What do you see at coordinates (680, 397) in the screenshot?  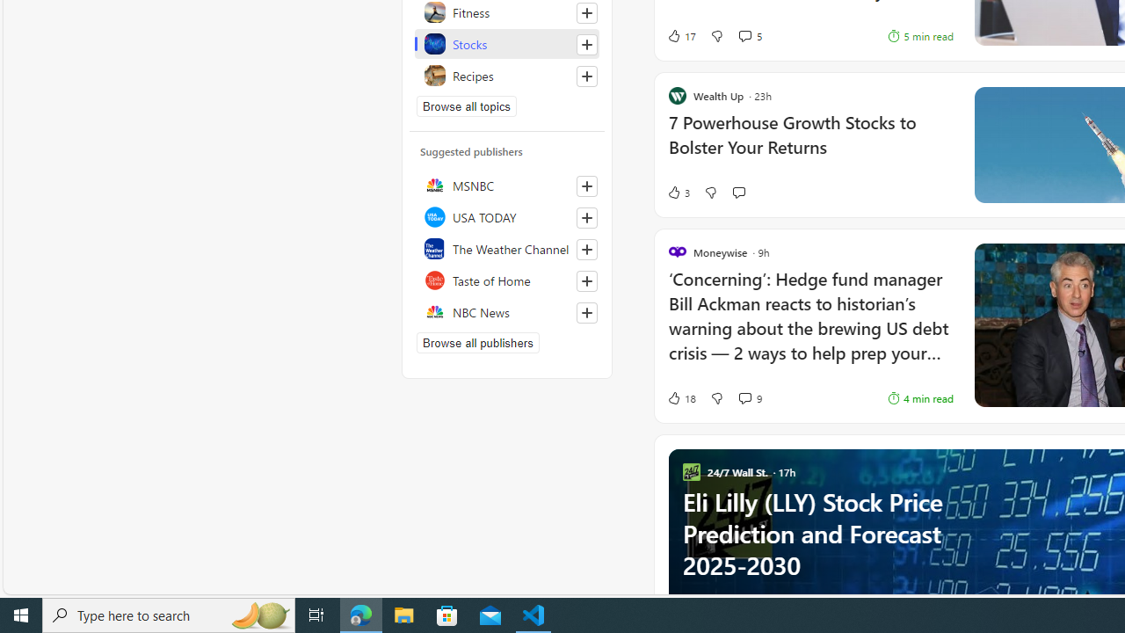 I see `'18 Like'` at bounding box center [680, 397].